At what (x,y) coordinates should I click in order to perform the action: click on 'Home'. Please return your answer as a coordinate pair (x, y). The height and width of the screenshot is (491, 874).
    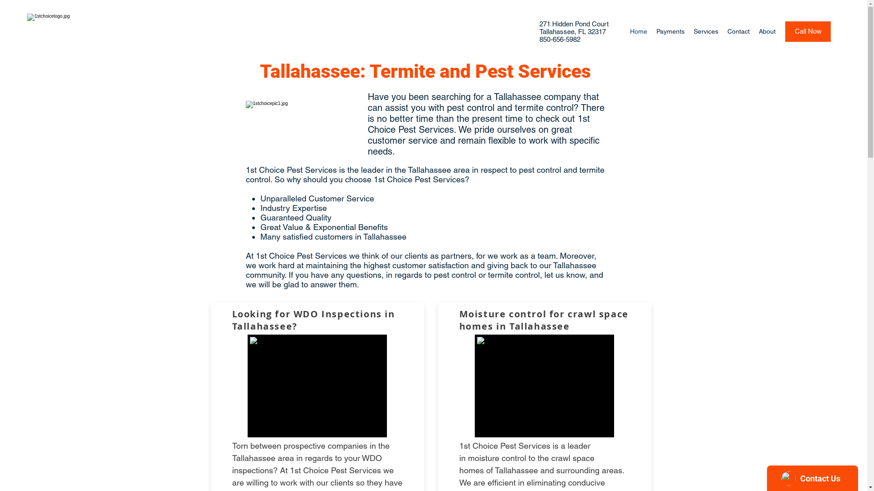
    Looking at the image, I should click on (638, 31).